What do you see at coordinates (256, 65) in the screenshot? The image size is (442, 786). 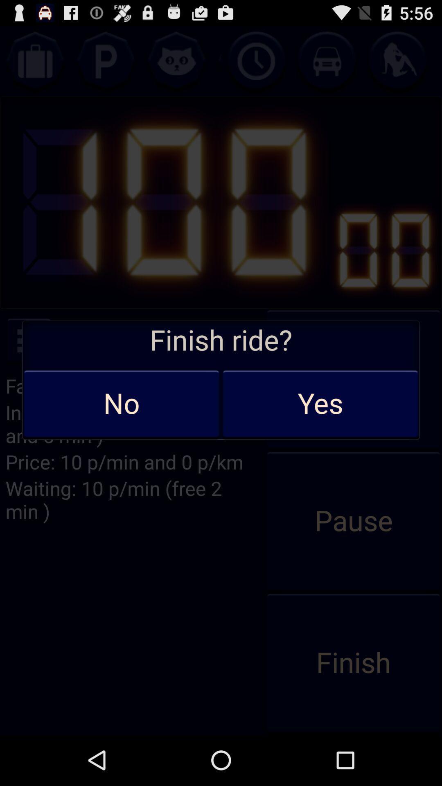 I see `the time icon` at bounding box center [256, 65].